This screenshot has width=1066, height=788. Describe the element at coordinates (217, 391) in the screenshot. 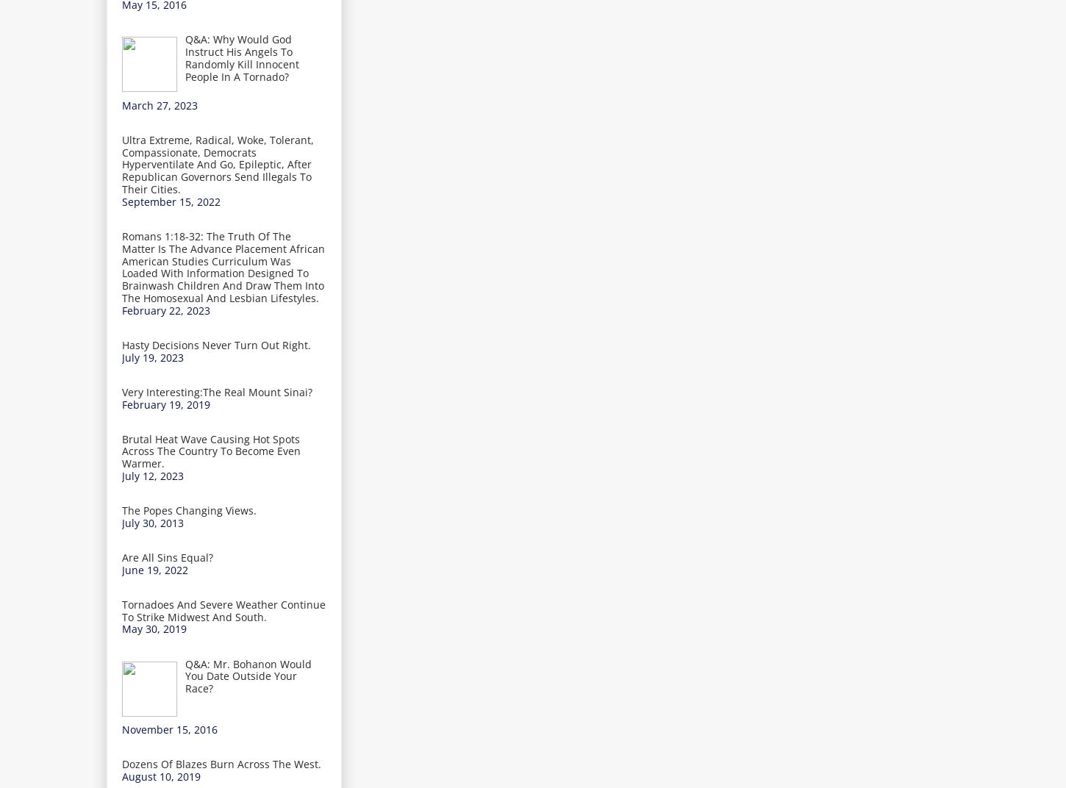

I see `'Very Interesting:The Real Mount Sinai?'` at that location.